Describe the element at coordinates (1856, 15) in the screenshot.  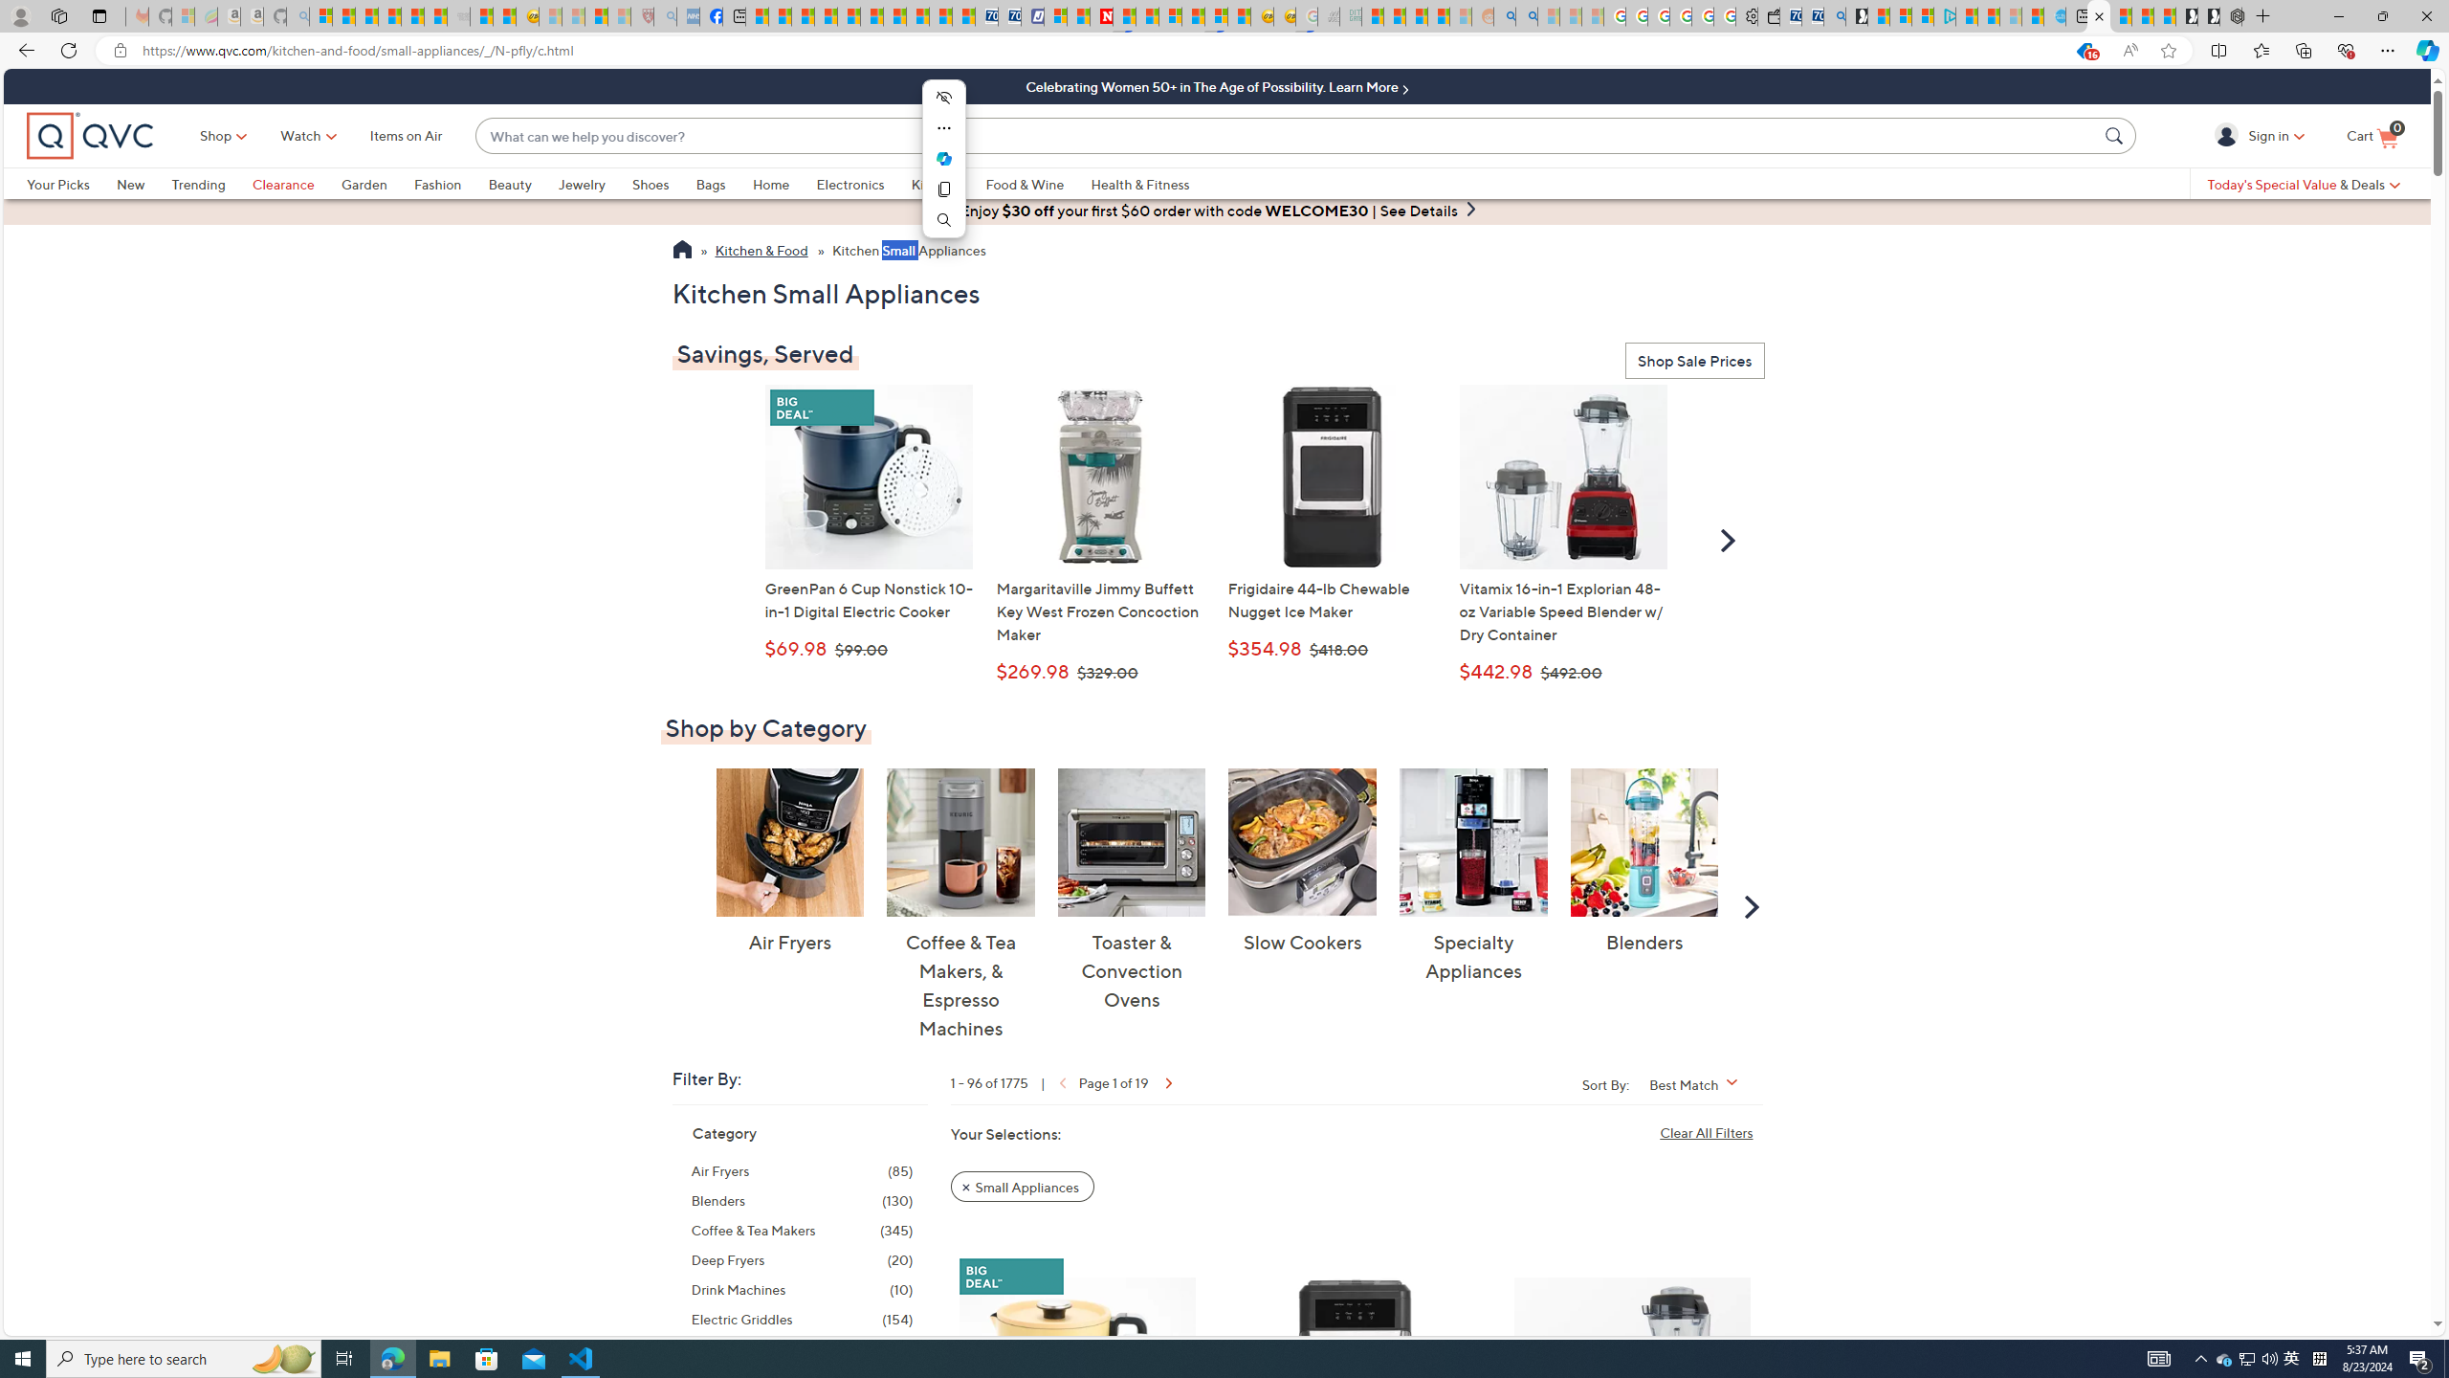
I see `'Microsoft Start Gaming'` at that location.